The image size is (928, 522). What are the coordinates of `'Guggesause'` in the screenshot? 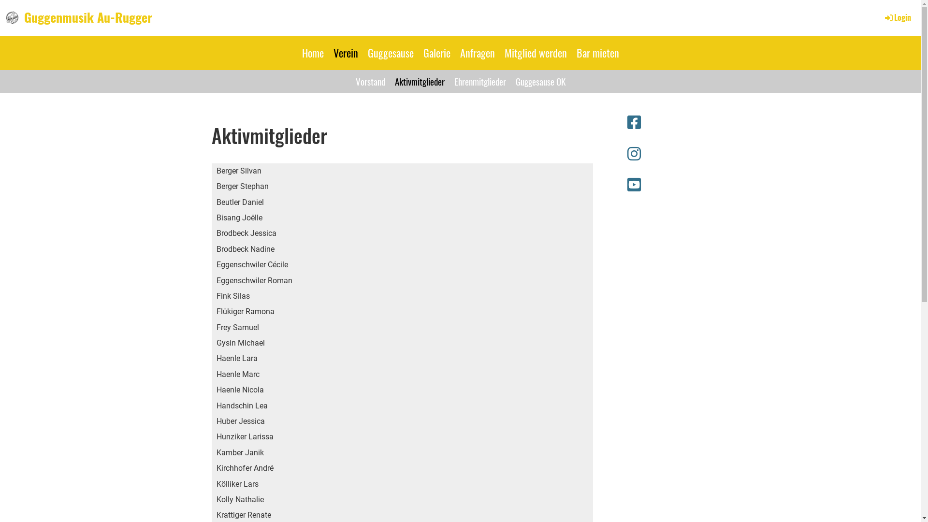 It's located at (362, 53).